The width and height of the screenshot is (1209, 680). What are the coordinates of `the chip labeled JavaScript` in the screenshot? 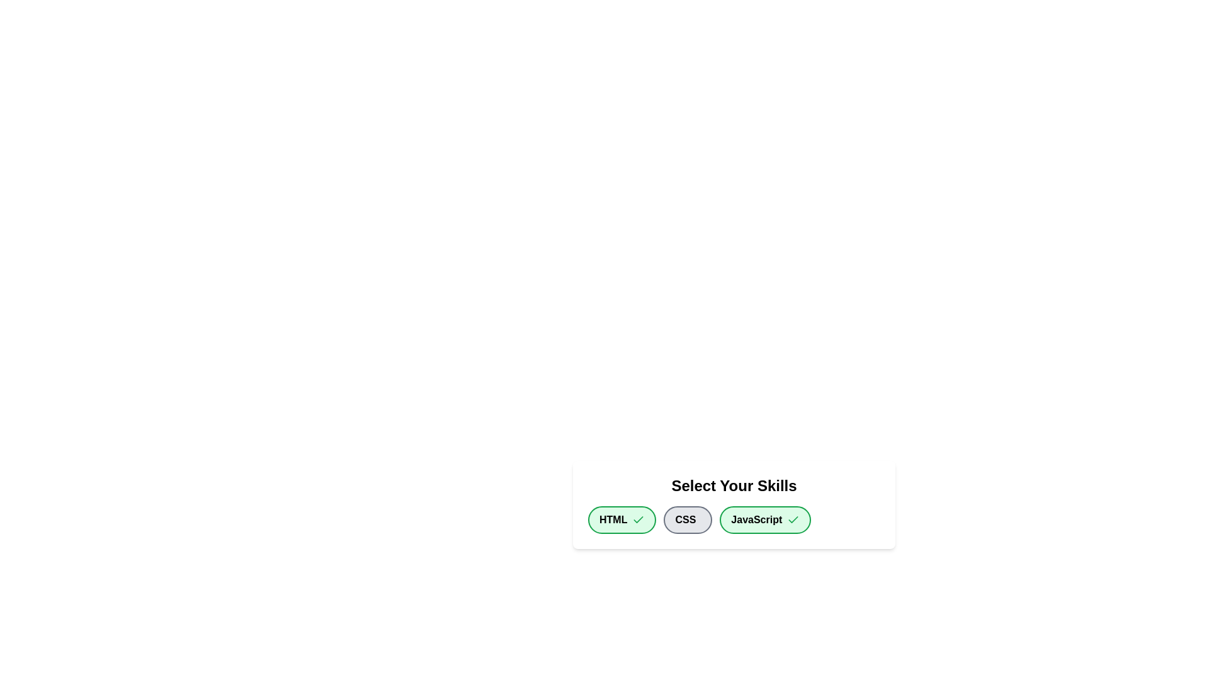 It's located at (764, 519).